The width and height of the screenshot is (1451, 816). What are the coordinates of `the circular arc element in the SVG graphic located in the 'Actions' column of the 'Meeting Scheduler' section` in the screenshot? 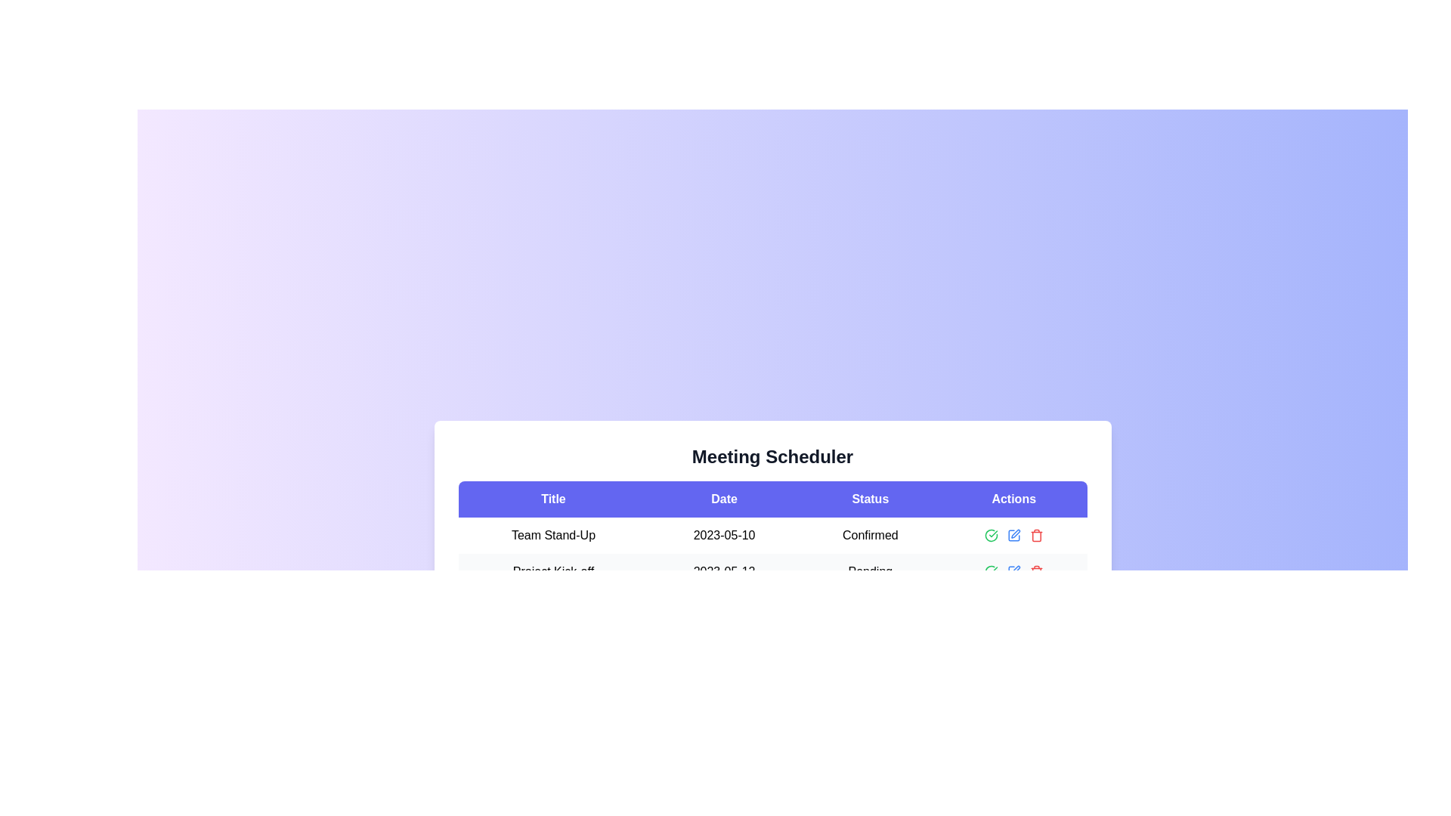 It's located at (991, 571).